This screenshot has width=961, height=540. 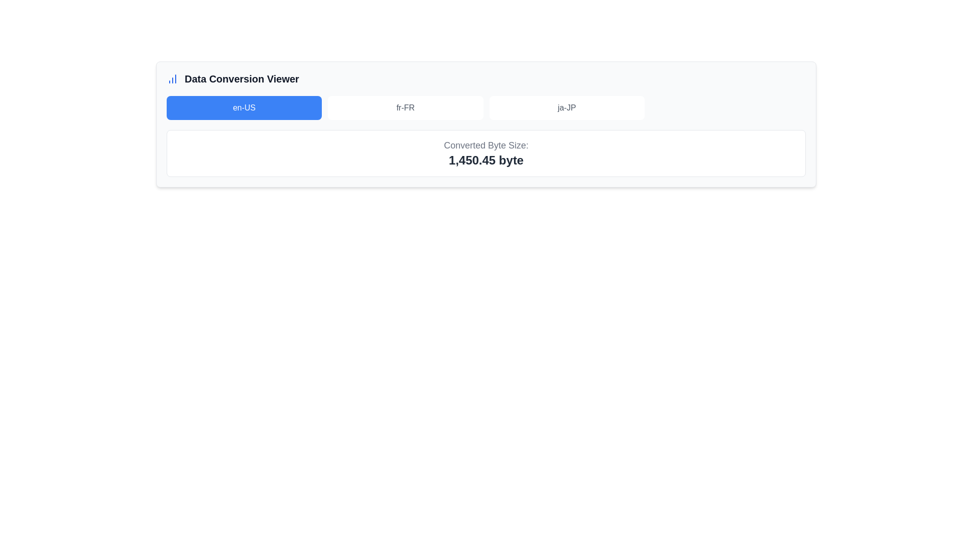 What do you see at coordinates (242, 78) in the screenshot?
I see `the 'Data Conversion Viewer' text label, which serves as a heading indicating the section's purpose and is located near the top-left corner of the interface, following a small chart icon` at bounding box center [242, 78].